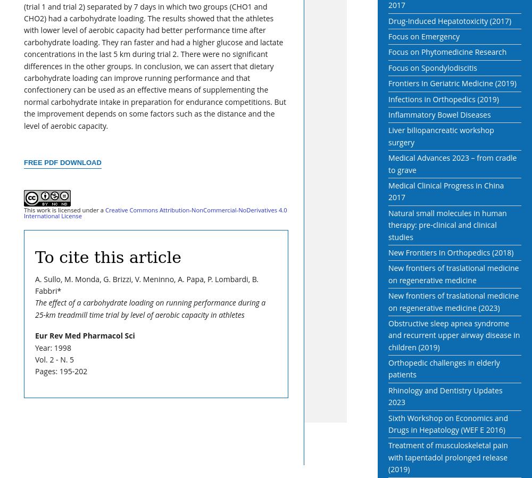 The image size is (532, 478). What do you see at coordinates (62, 162) in the screenshot?
I see `'Free PDF Download'` at bounding box center [62, 162].